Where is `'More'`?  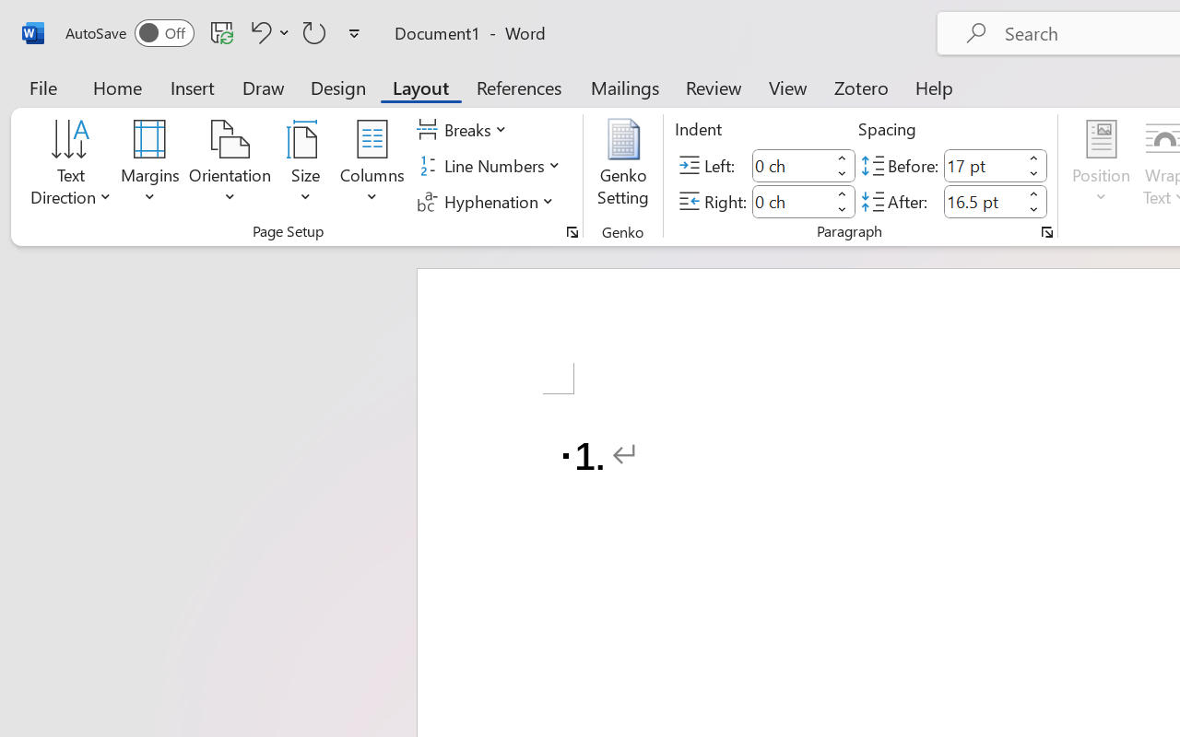 'More' is located at coordinates (1033, 193).